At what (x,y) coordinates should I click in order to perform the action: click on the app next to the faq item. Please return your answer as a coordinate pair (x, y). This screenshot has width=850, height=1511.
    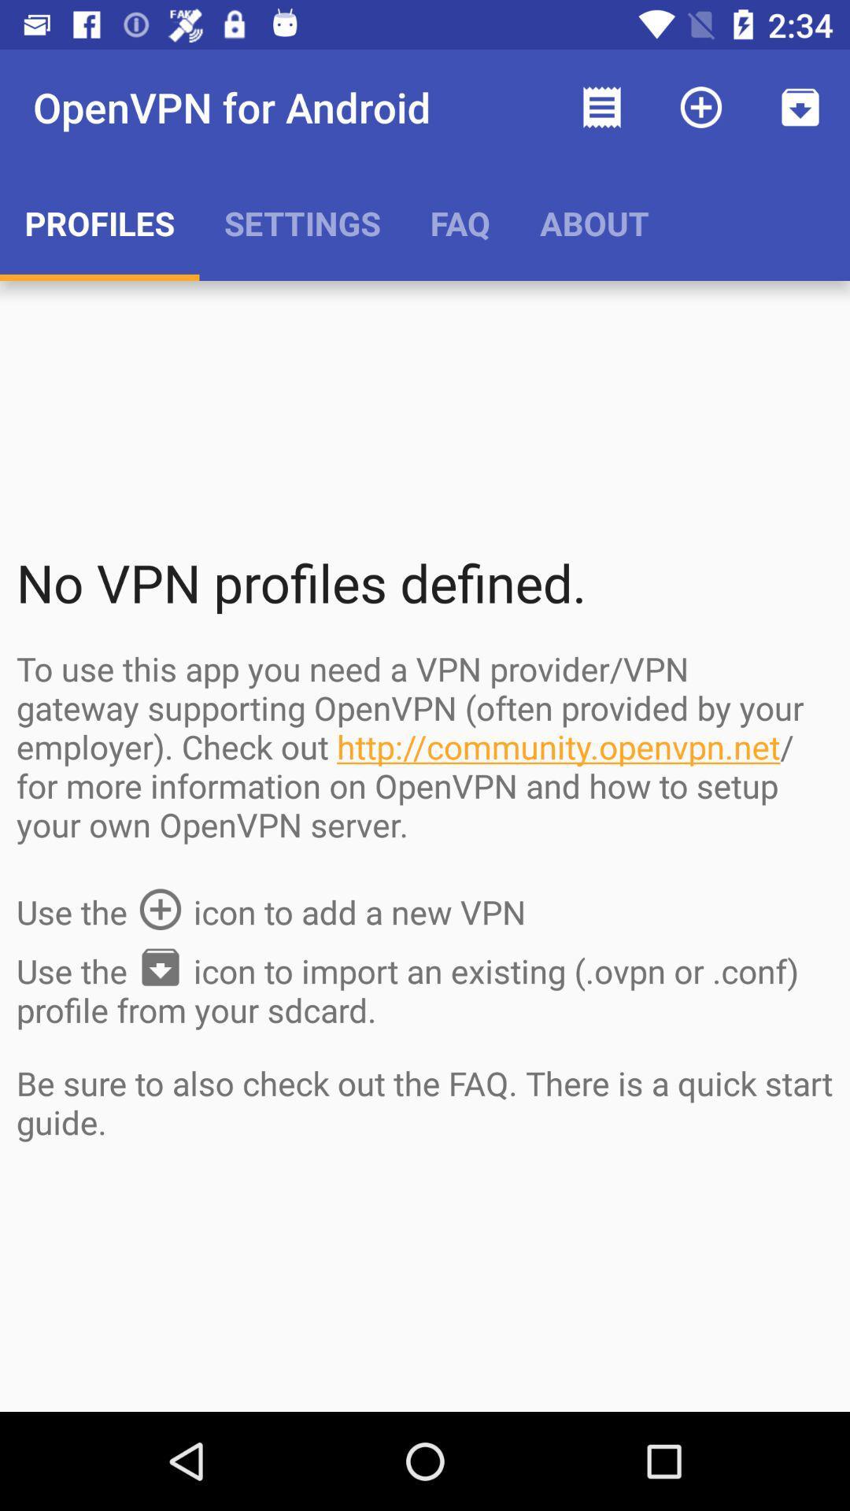
    Looking at the image, I should click on (302, 222).